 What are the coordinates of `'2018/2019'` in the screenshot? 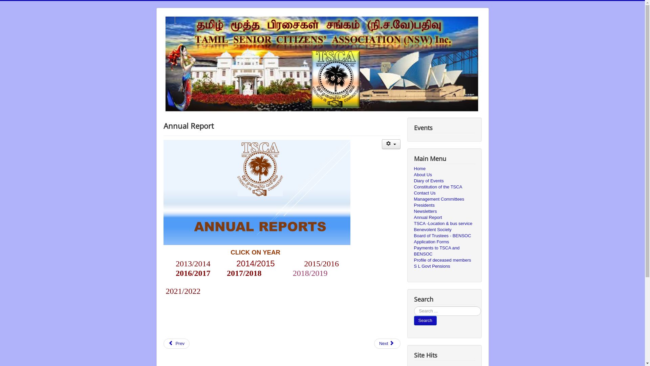 It's located at (310, 273).